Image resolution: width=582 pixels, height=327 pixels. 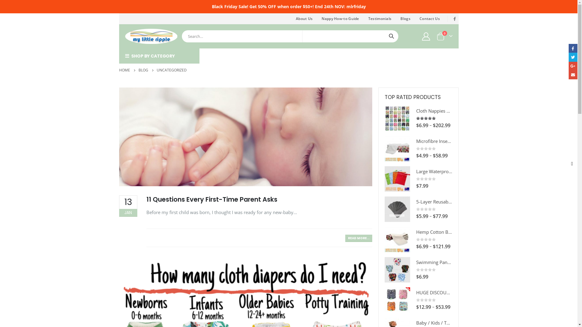 I want to click on 'Twitter', so click(x=573, y=57).